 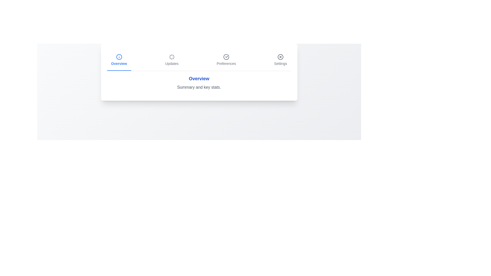 What do you see at coordinates (226, 60) in the screenshot?
I see `the tab labeled Preferences` at bounding box center [226, 60].